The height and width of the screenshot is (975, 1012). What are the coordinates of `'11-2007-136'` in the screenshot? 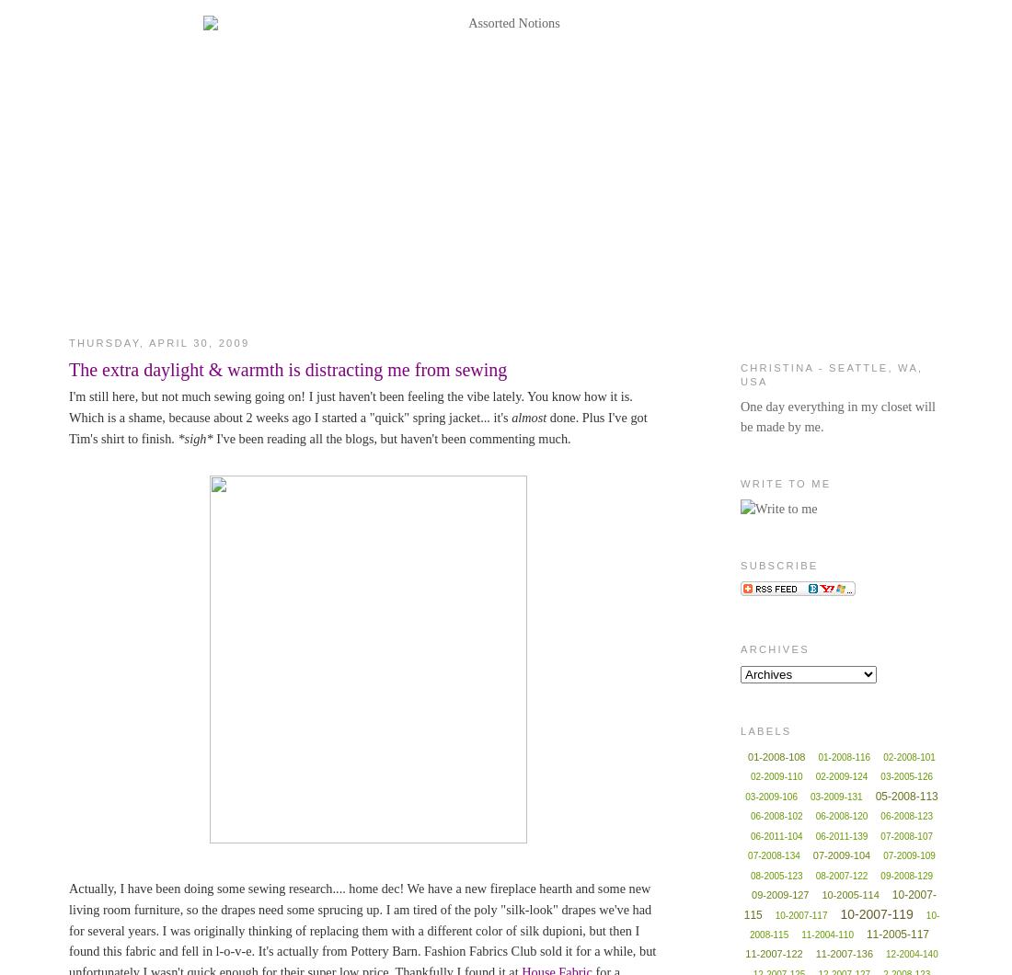 It's located at (814, 952).